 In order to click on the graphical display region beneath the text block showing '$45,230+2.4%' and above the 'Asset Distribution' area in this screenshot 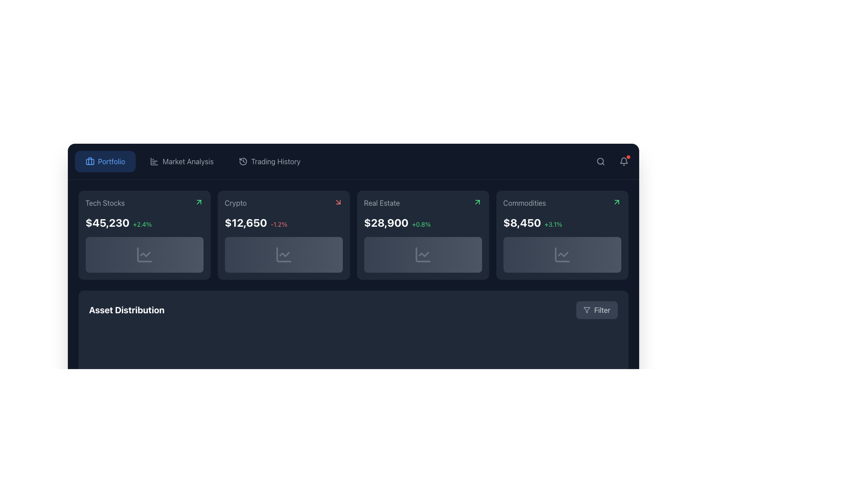, I will do `click(144, 254)`.